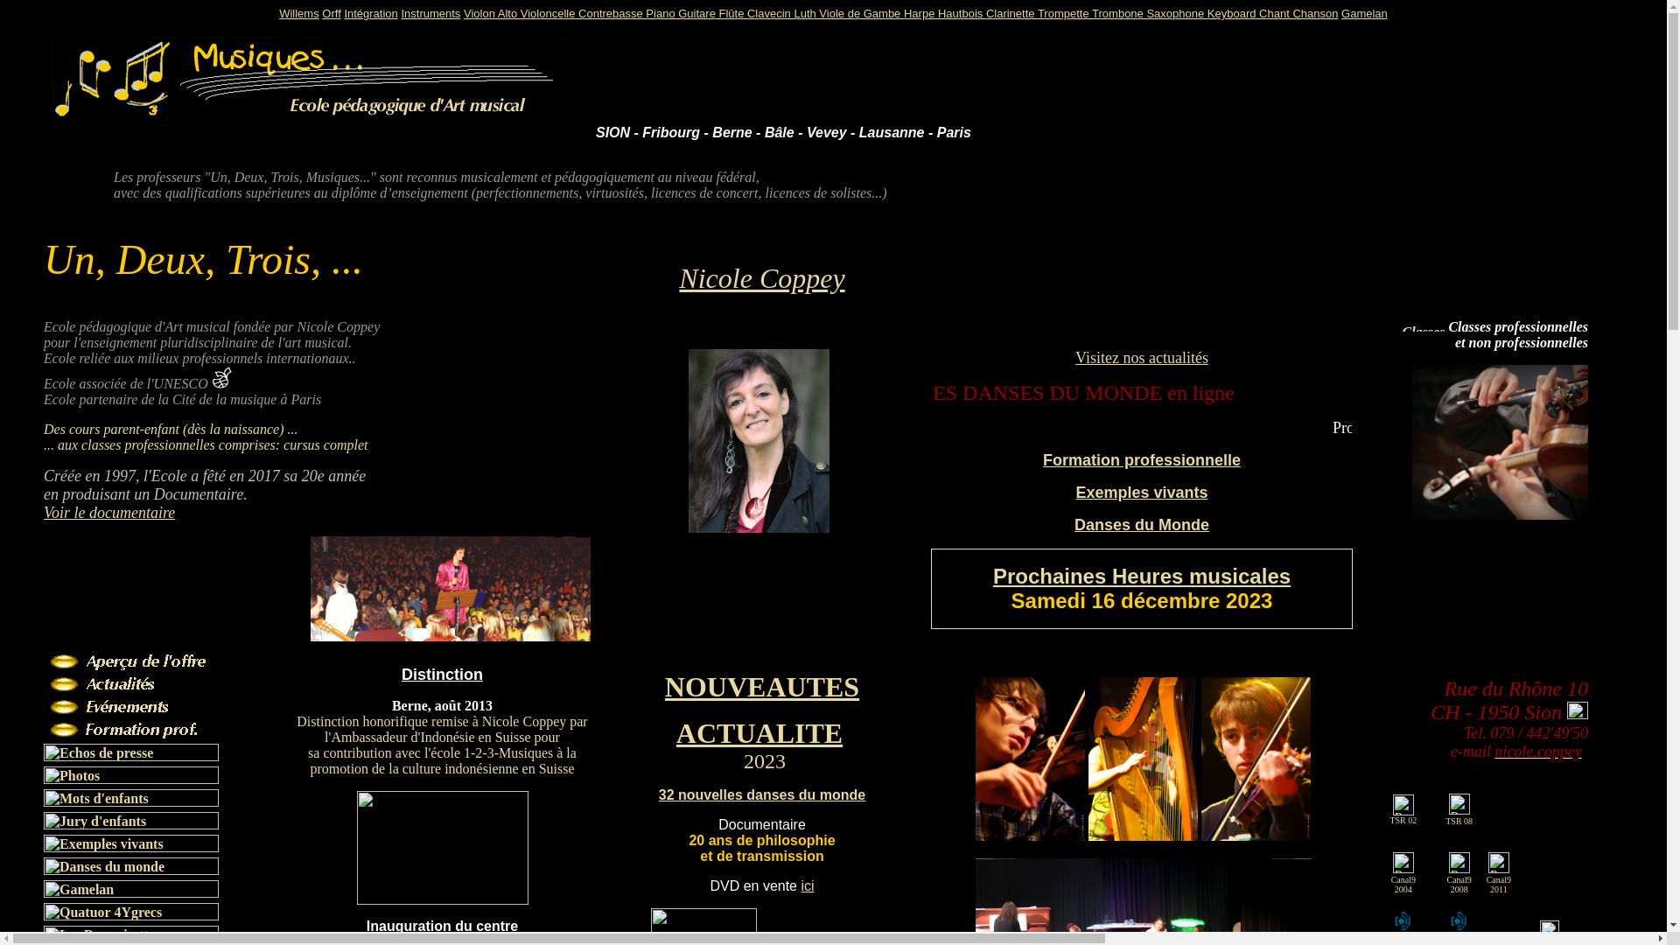 The height and width of the screenshot is (945, 1680). I want to click on 'Danses du Monde', so click(1142, 524).